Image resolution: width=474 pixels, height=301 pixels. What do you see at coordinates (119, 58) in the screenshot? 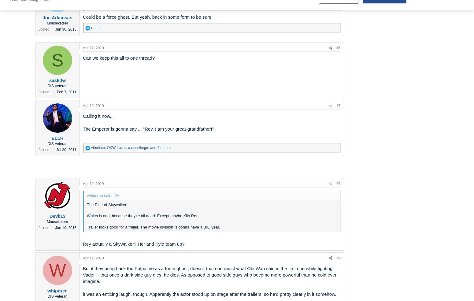
I see `'Can we keep this all to one thread?'` at bounding box center [119, 58].